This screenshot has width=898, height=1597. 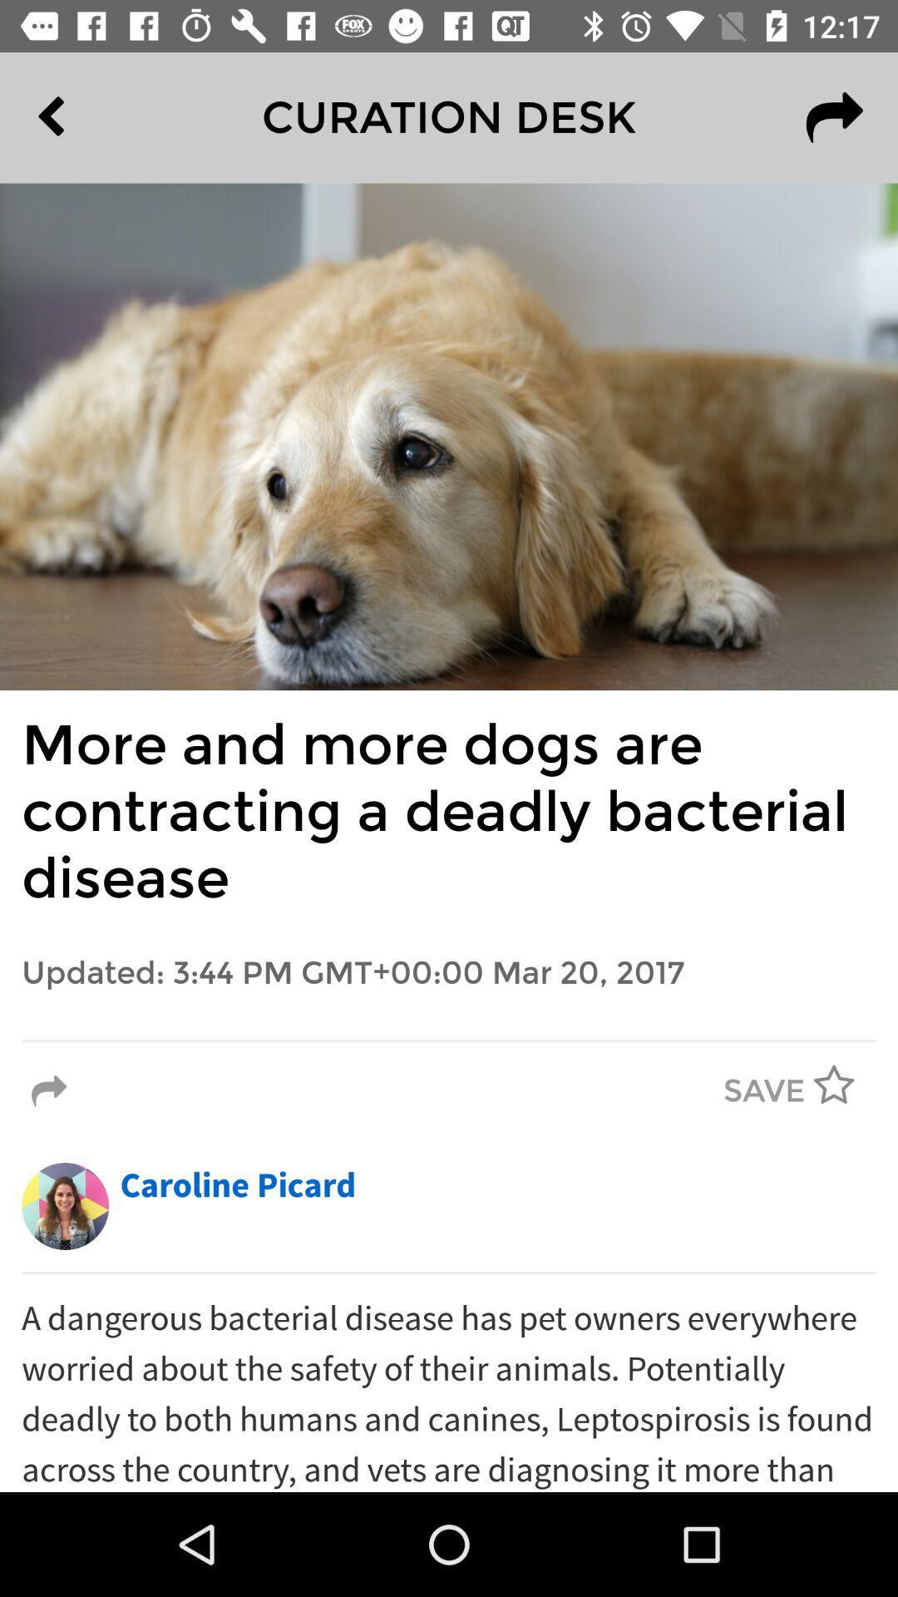 What do you see at coordinates (764, 1091) in the screenshot?
I see `save icon` at bounding box center [764, 1091].